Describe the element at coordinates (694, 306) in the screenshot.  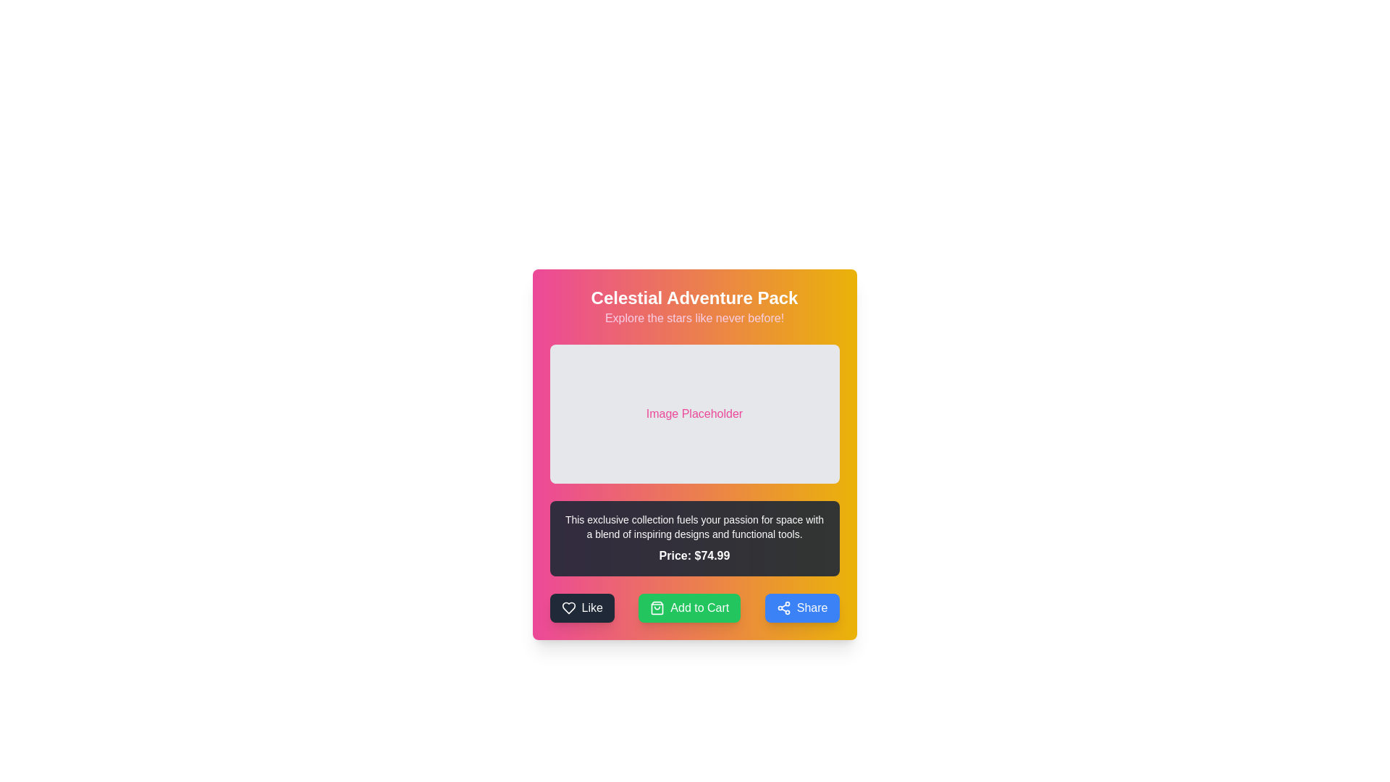
I see `the text block titled 'Celestial Adventure Pack' which features a bold large white title and a pink subtitle, located at the top of its card structure` at that location.